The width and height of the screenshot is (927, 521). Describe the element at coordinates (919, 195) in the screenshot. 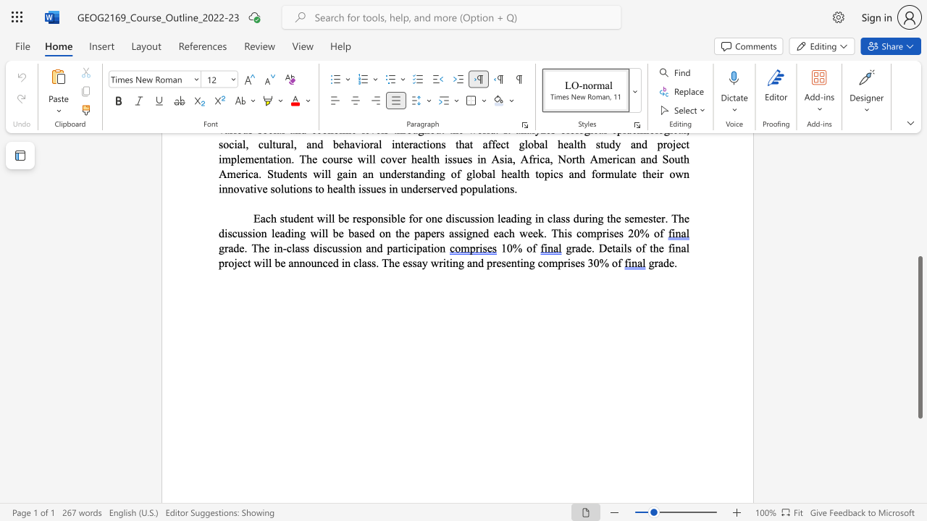

I see `the scrollbar to move the page upward` at that location.